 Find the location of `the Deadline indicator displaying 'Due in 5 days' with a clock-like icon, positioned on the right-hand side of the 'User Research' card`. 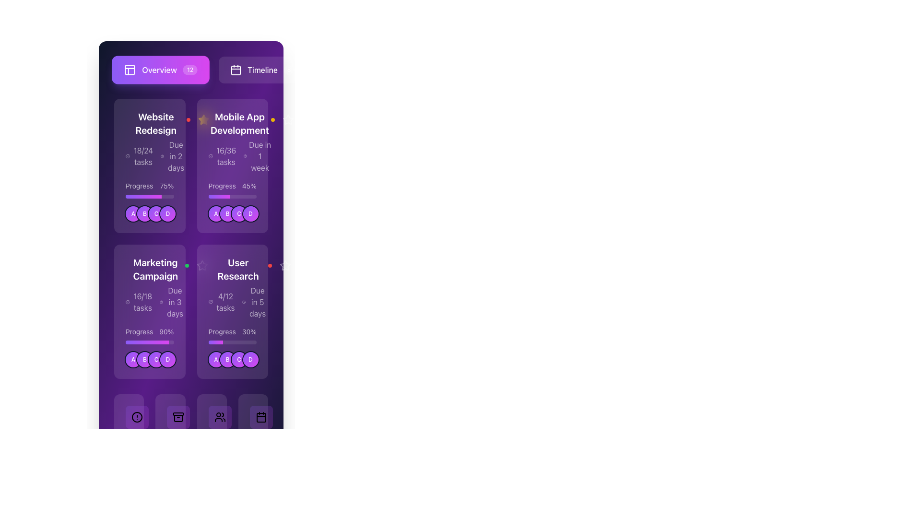

the Deadline indicator displaying 'Due in 5 days' with a clock-like icon, positioned on the right-hand side of the 'User Research' card is located at coordinates (255, 301).